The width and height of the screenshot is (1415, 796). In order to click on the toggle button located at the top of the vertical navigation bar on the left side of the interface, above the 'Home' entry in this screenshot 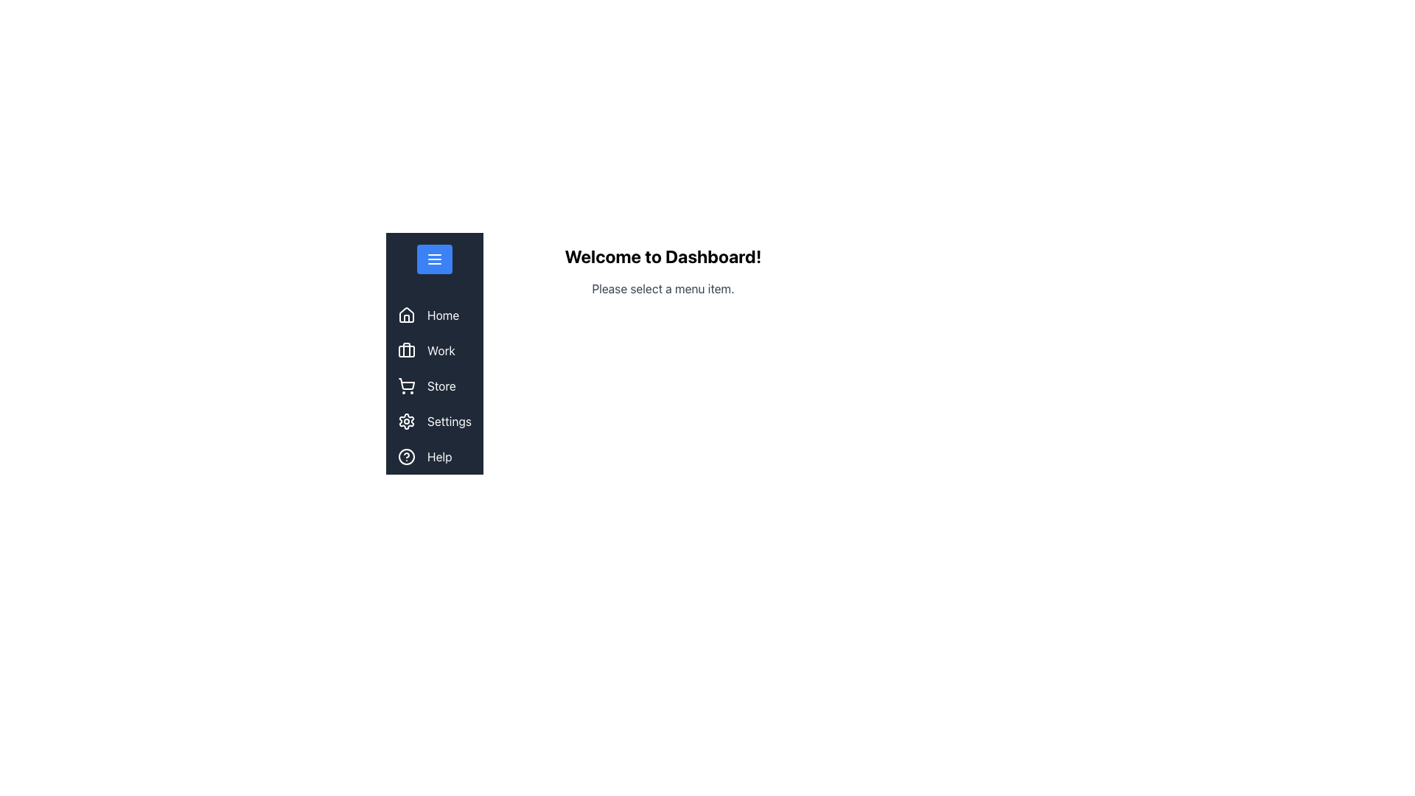, I will do `click(434, 258)`.